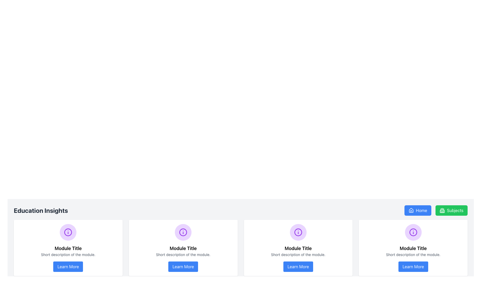 This screenshot has height=281, width=501. What do you see at coordinates (68, 232) in the screenshot?
I see `the decorative element located in the center of the first module card, positioned above the title 'Module Title'` at bounding box center [68, 232].